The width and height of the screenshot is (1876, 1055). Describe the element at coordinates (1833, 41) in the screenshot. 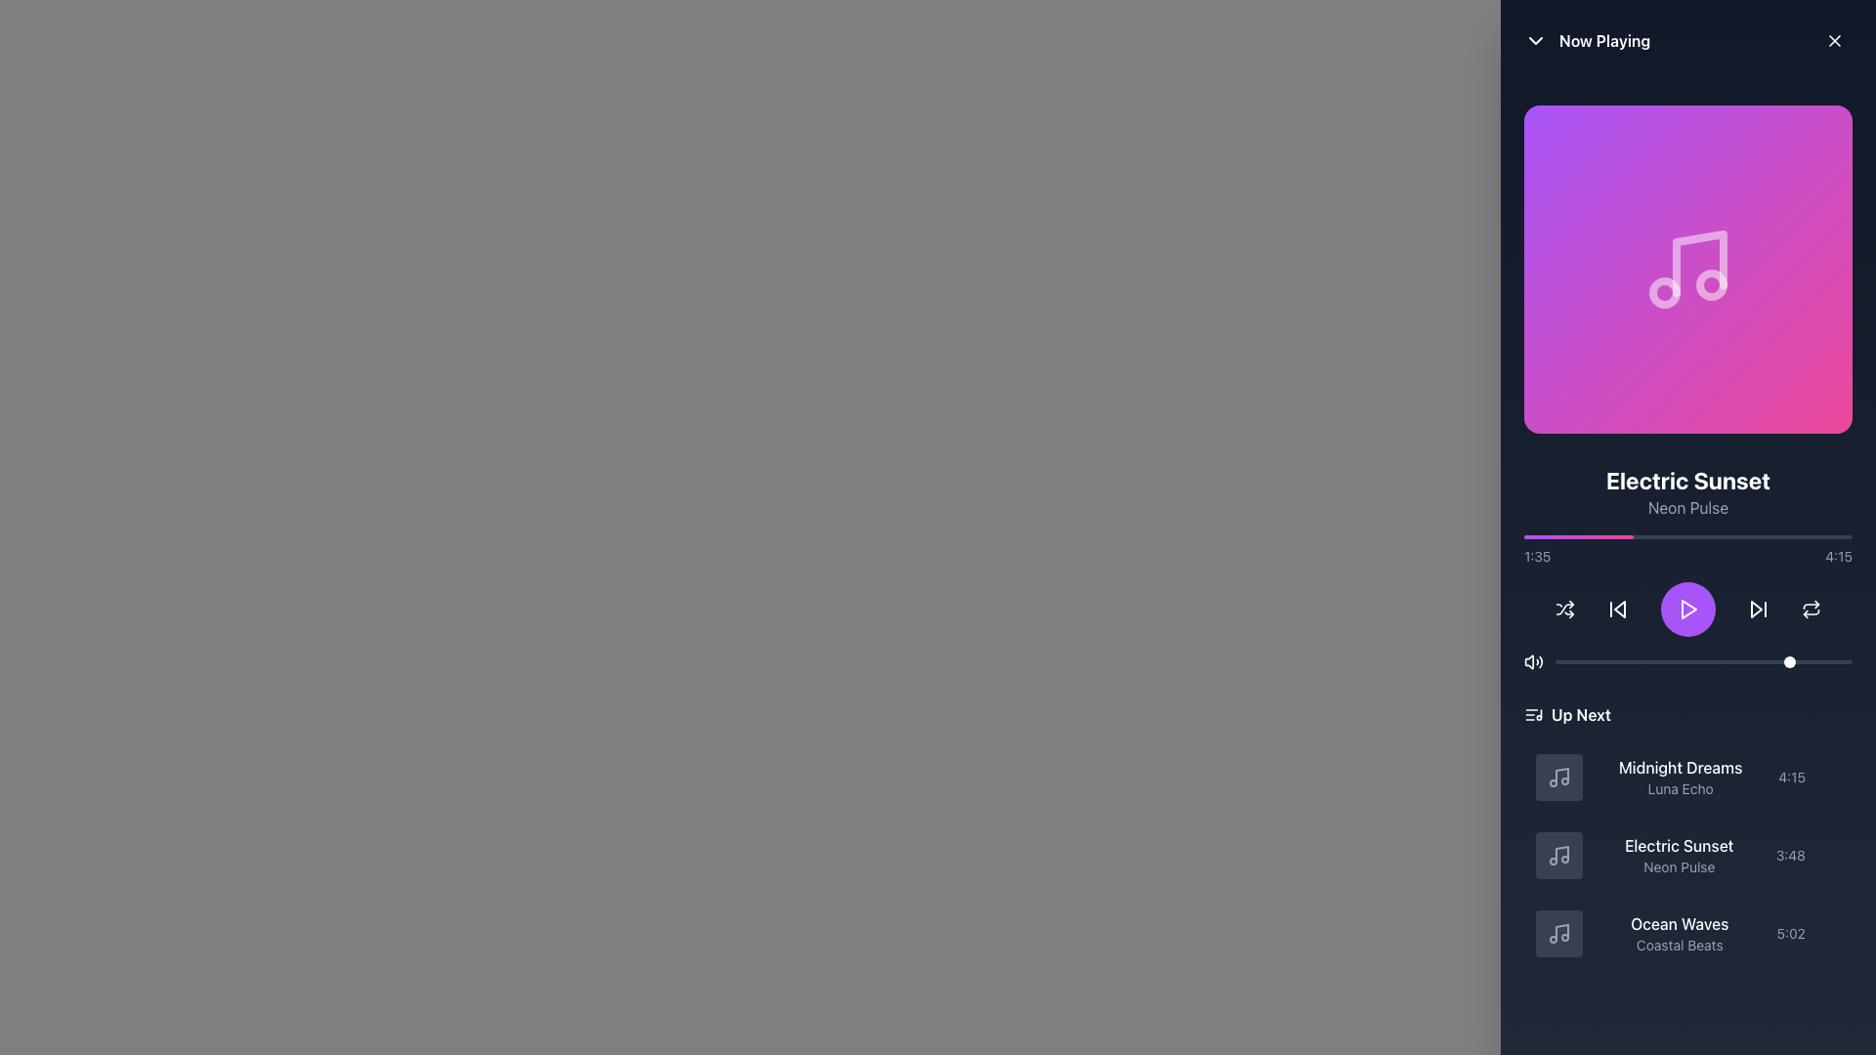

I see `the 'X' mark button located at the top-right corner of the 'Now Playing' section to observe the hover effect` at that location.